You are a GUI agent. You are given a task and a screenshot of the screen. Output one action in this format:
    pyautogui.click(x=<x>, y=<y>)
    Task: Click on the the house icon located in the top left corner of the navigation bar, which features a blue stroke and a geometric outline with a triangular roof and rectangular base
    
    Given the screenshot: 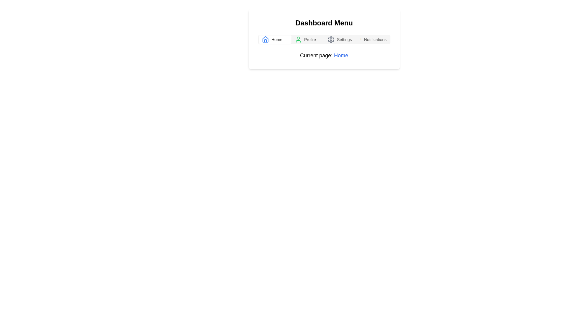 What is the action you would take?
    pyautogui.click(x=265, y=39)
    